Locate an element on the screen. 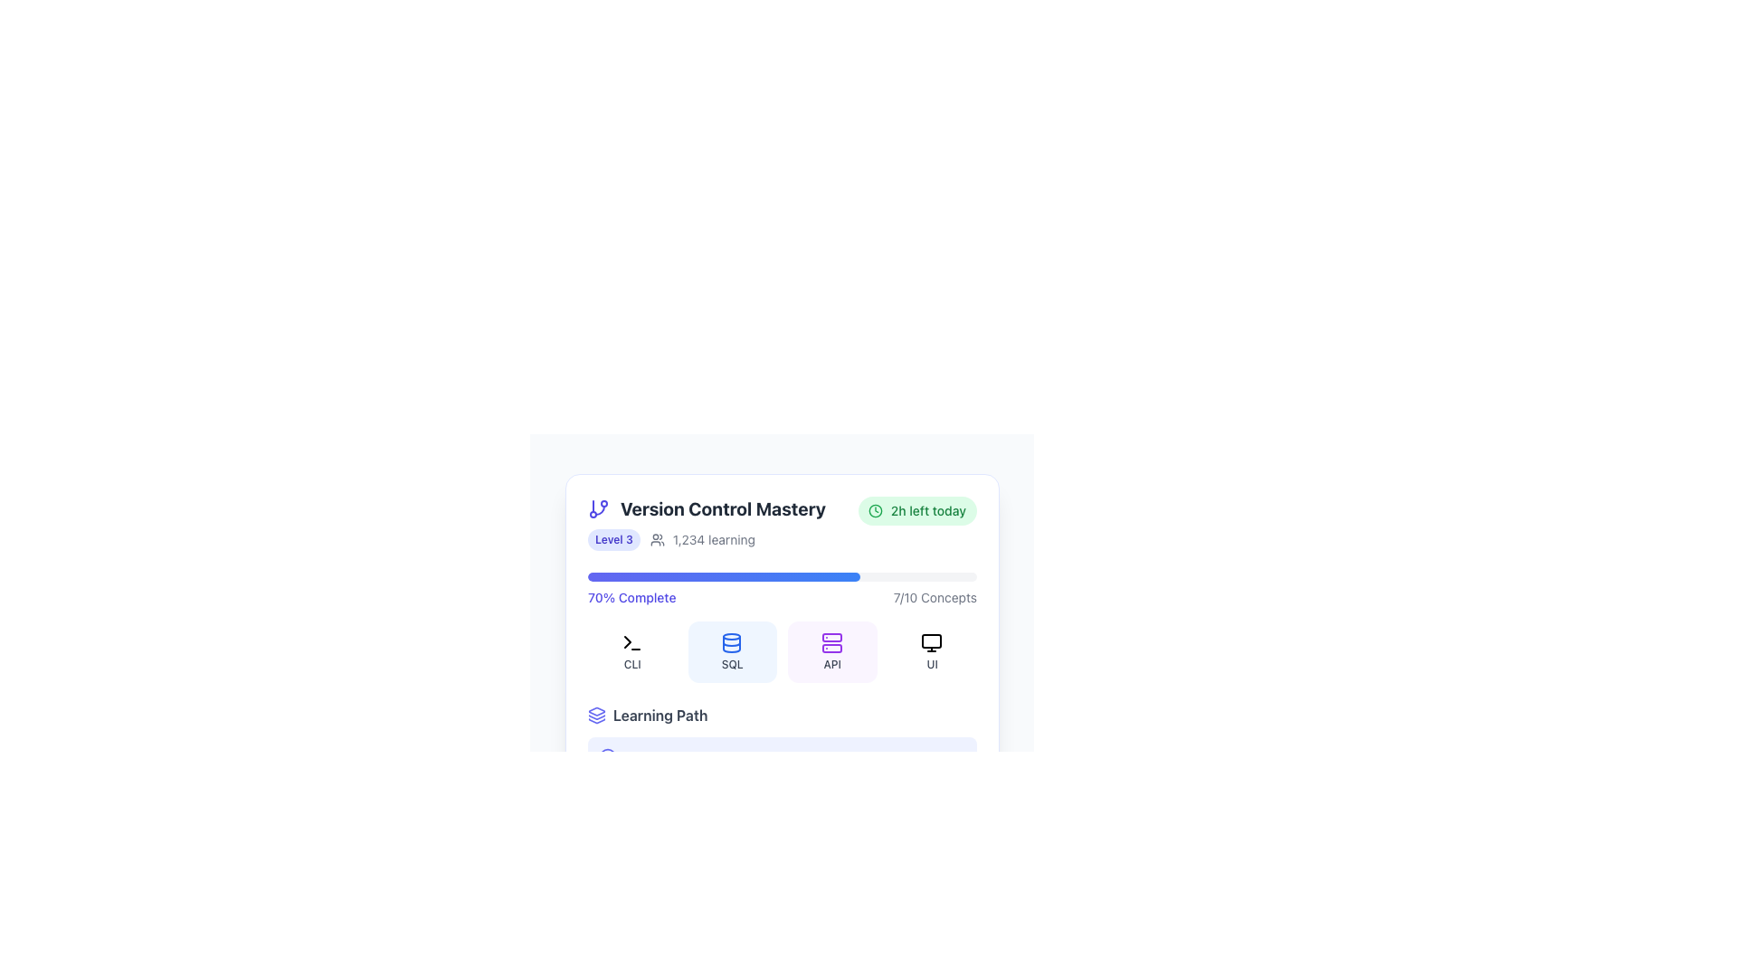  the small triangular chevron shape, which is the leftmost part of the terminal icon, to interact with the terminal functionality is located at coordinates (627, 640).